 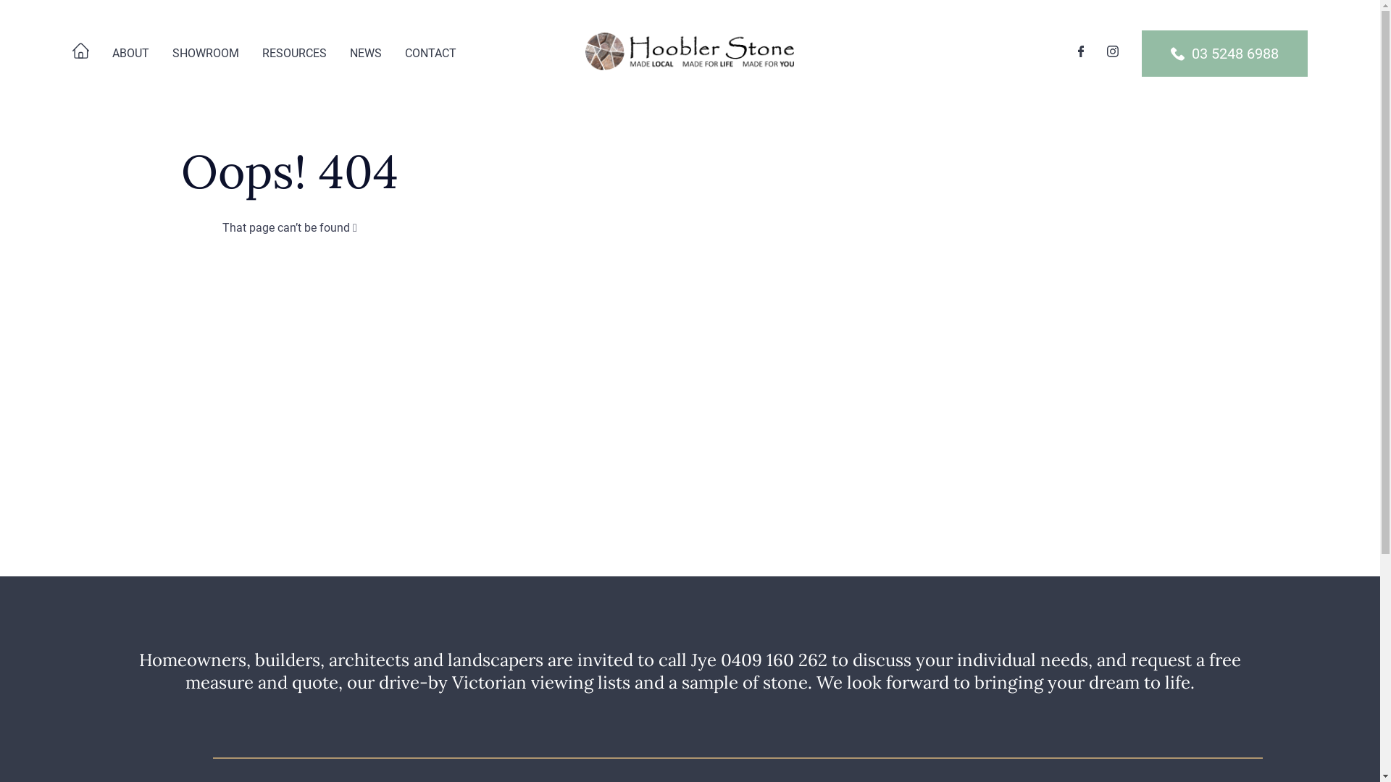 I want to click on 'ABOUT', so click(x=130, y=52).